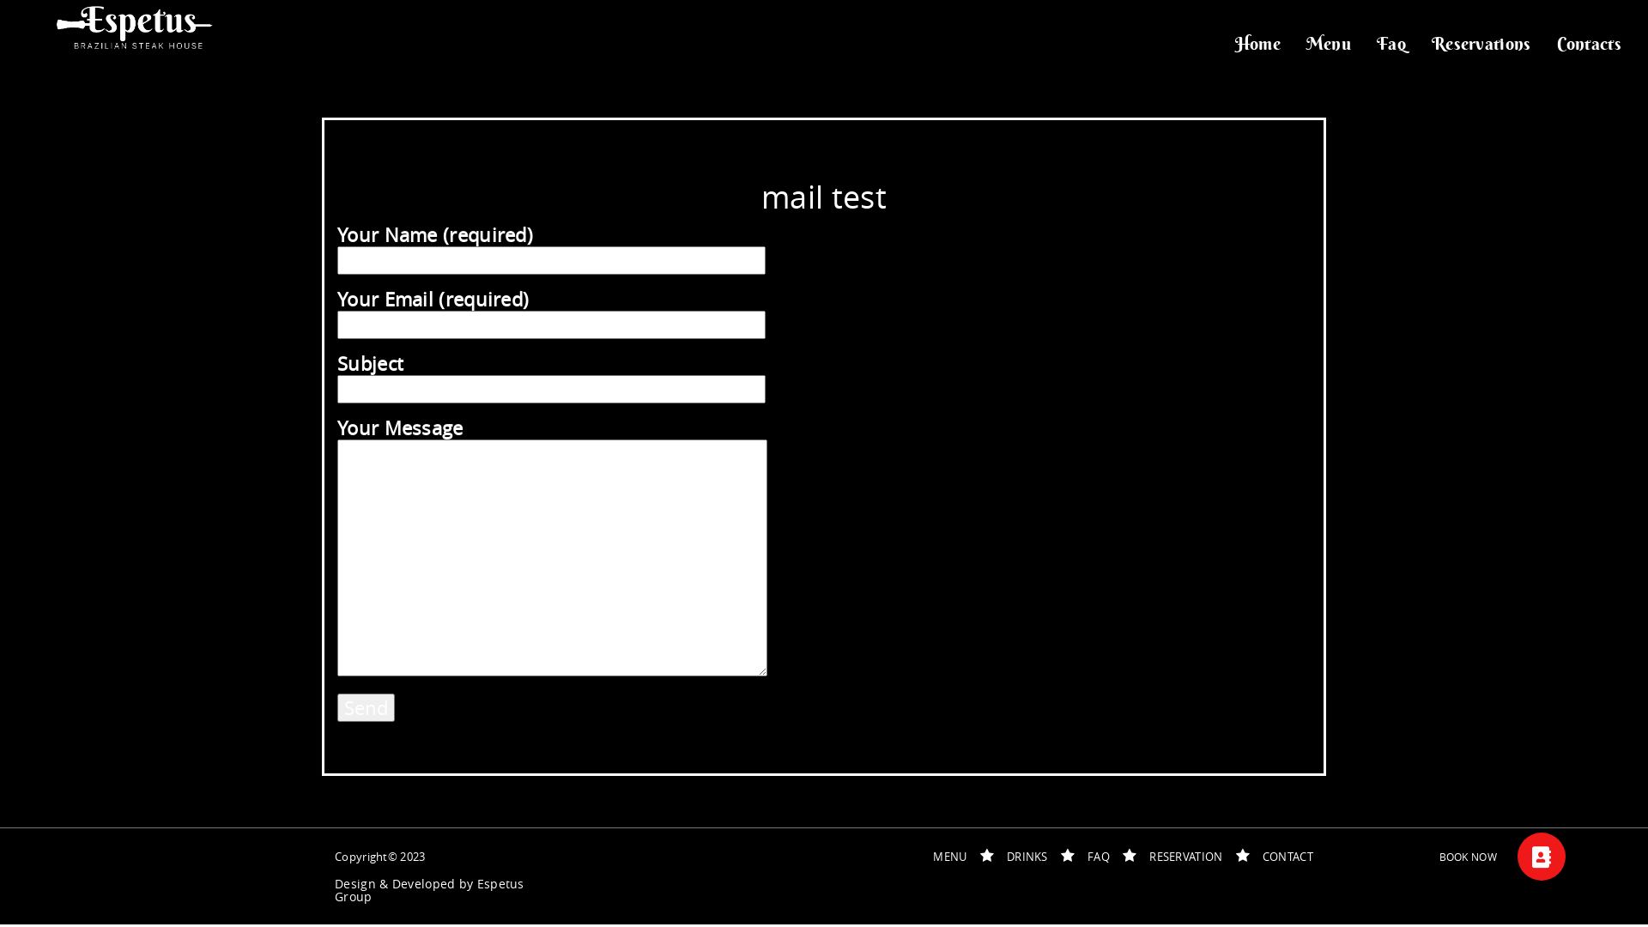  I want to click on 'RESERVATION', so click(1149, 857).